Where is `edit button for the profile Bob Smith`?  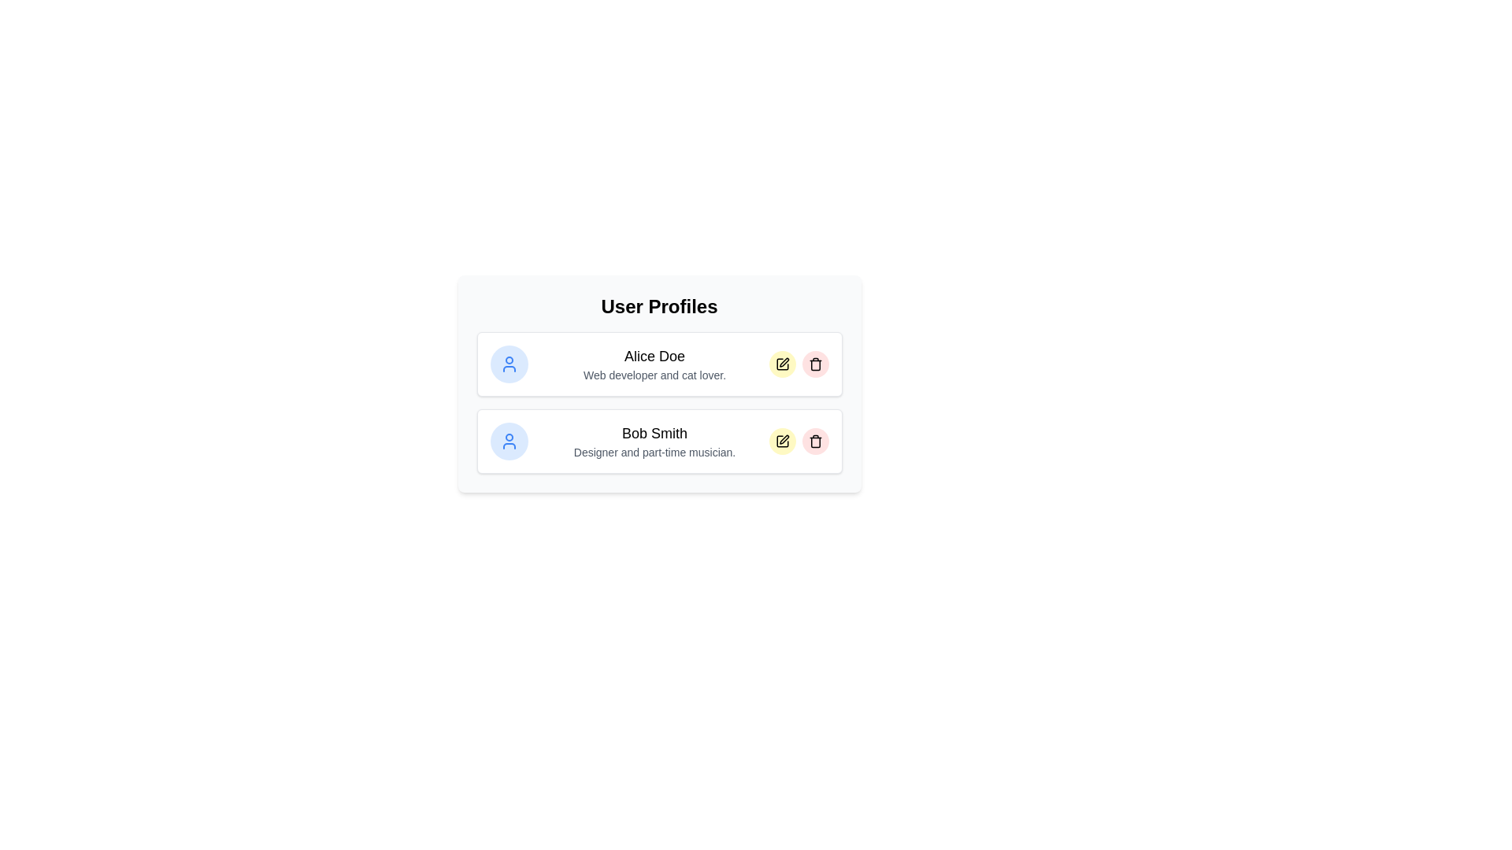 edit button for the profile Bob Smith is located at coordinates (782, 441).